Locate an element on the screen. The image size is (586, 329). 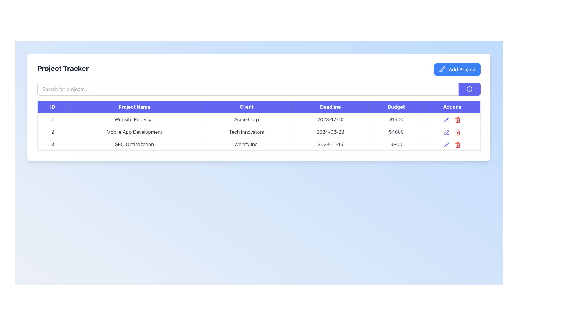
the text label displaying 'Website Redesign' located in the second column of the first row of the data table, directly under the 'Project Name' header is located at coordinates (134, 119).